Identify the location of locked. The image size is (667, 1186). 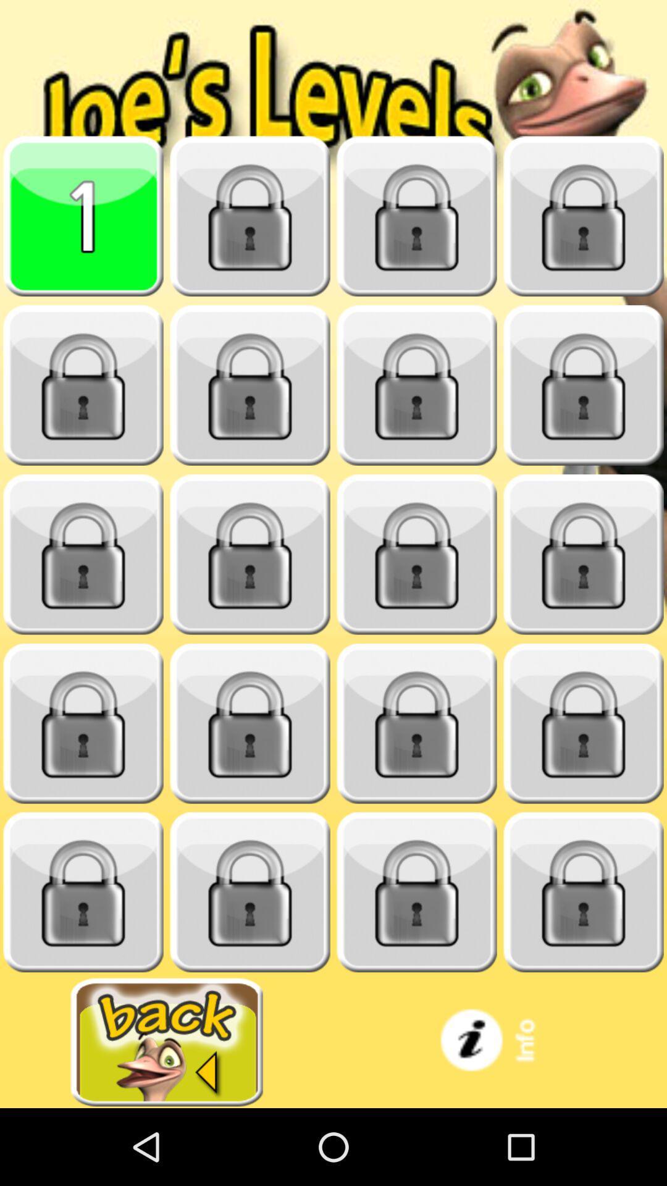
(250, 216).